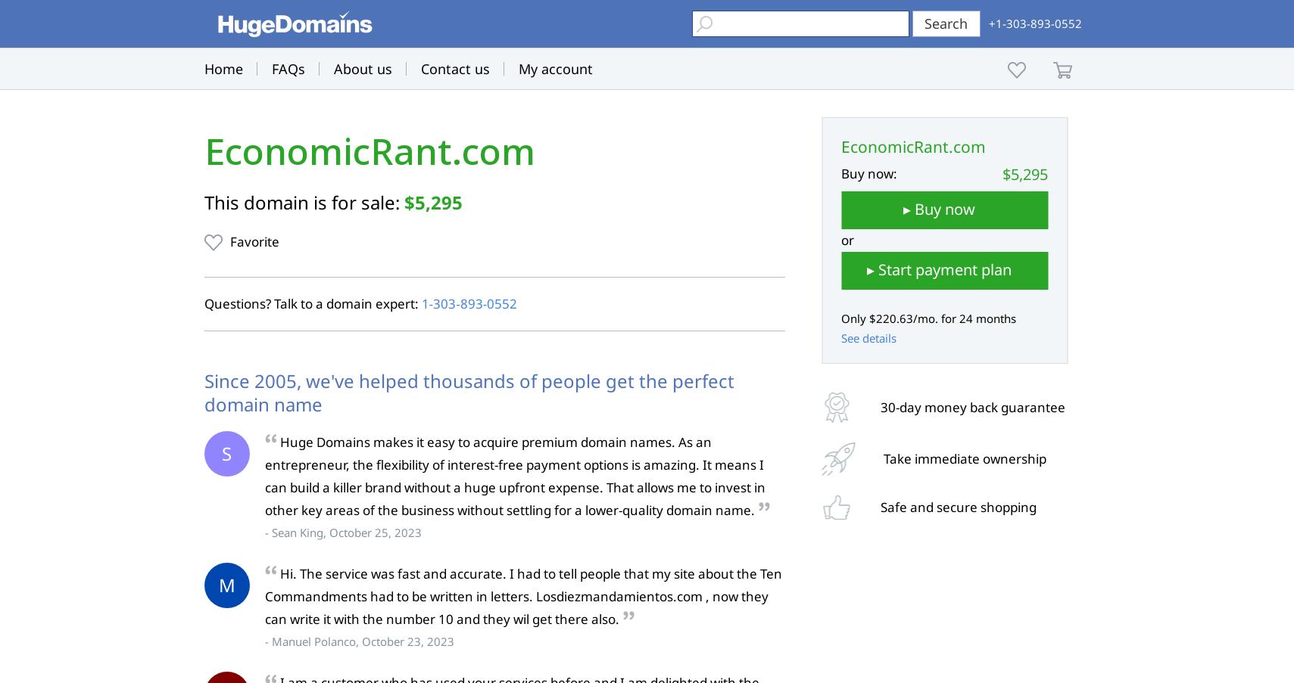 The width and height of the screenshot is (1294, 683). Describe the element at coordinates (467, 391) in the screenshot. I see `'Since 2005, we've helped thousands of people get the perfect domain name'` at that location.